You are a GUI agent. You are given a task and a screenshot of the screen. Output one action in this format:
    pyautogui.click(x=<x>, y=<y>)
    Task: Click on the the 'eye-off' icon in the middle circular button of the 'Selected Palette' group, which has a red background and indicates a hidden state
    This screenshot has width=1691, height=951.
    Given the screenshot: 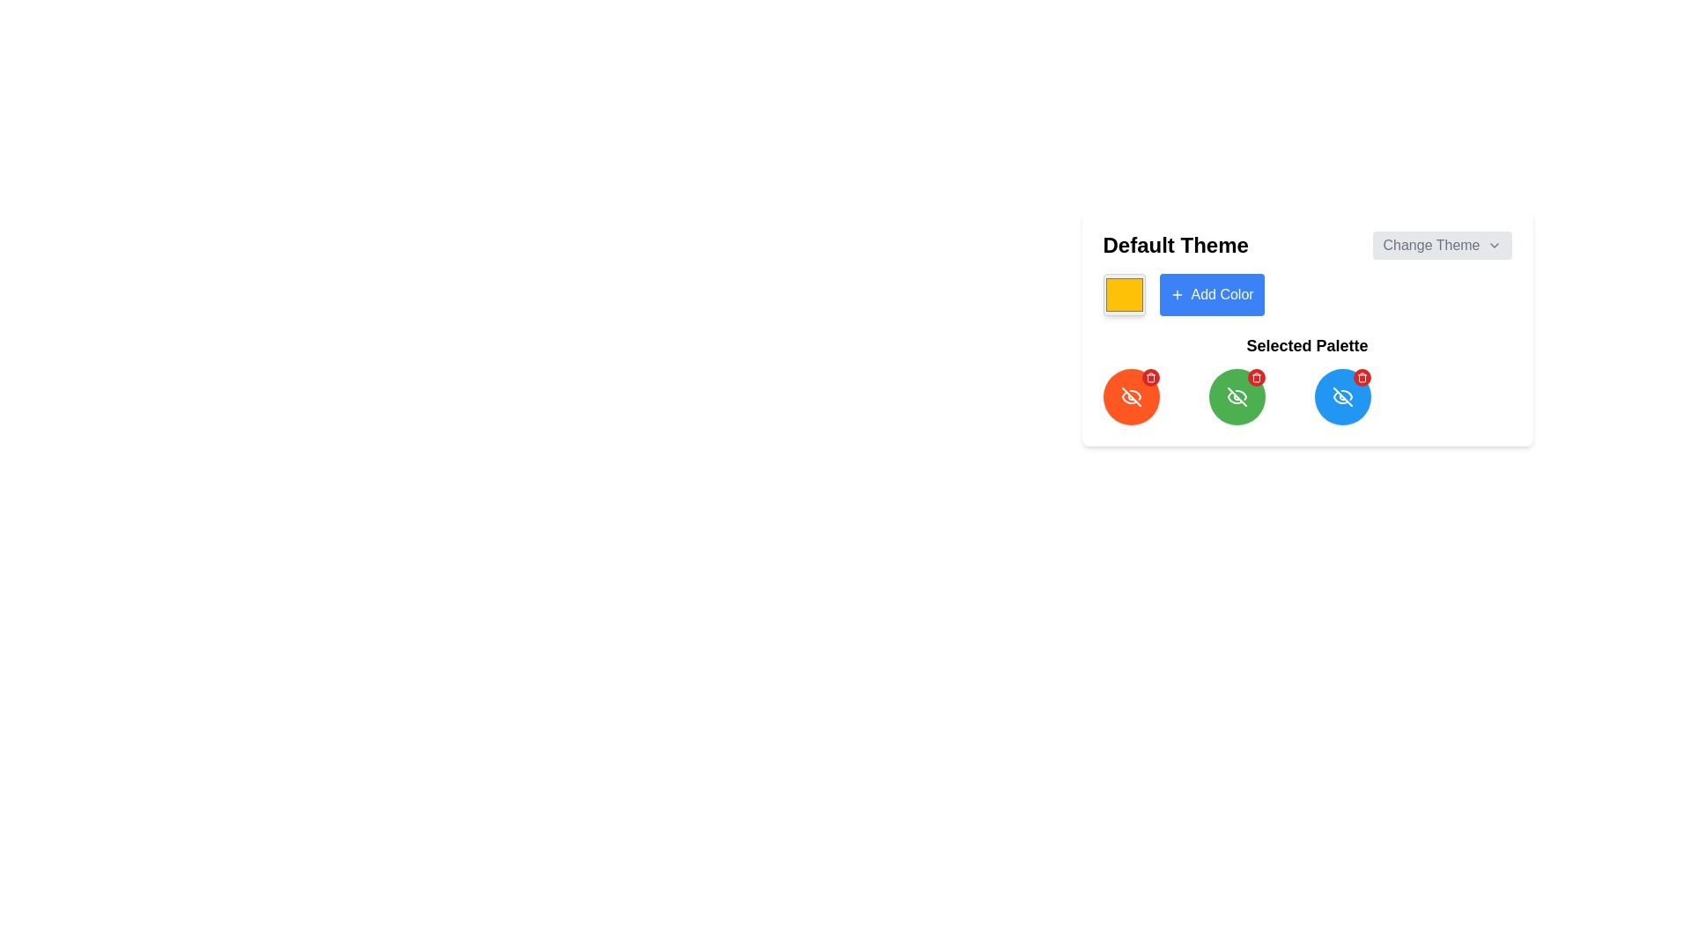 What is the action you would take?
    pyautogui.click(x=1131, y=397)
    